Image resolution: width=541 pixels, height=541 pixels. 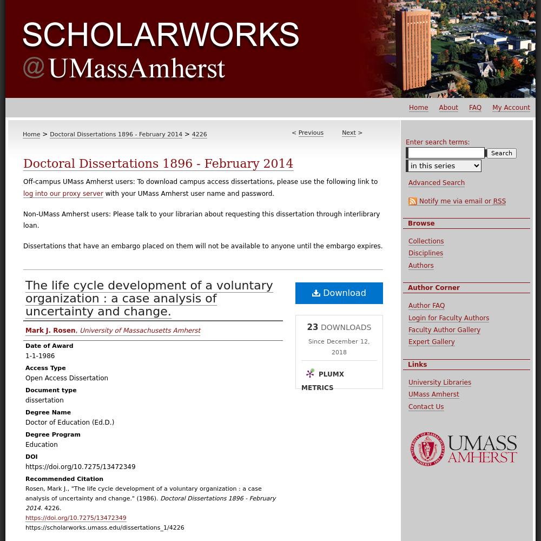 What do you see at coordinates (49, 346) in the screenshot?
I see `'Date of Award'` at bounding box center [49, 346].